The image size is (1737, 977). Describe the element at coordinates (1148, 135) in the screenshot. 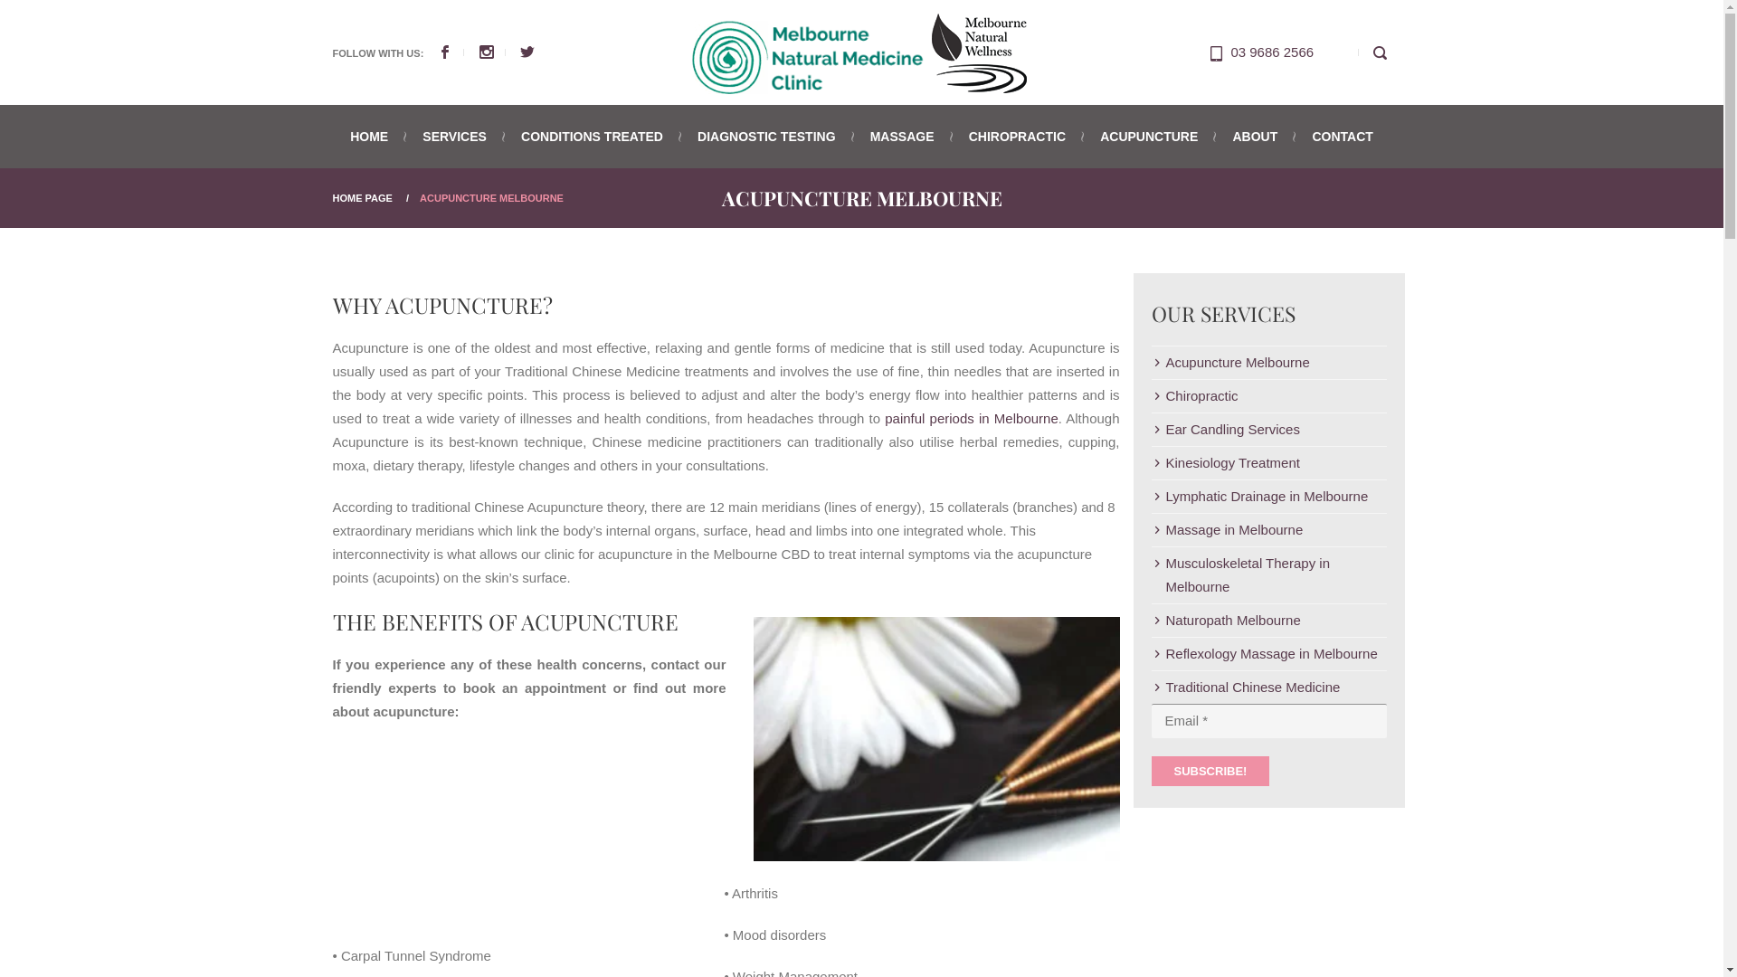

I see `'ACUPUNCTURE'` at that location.